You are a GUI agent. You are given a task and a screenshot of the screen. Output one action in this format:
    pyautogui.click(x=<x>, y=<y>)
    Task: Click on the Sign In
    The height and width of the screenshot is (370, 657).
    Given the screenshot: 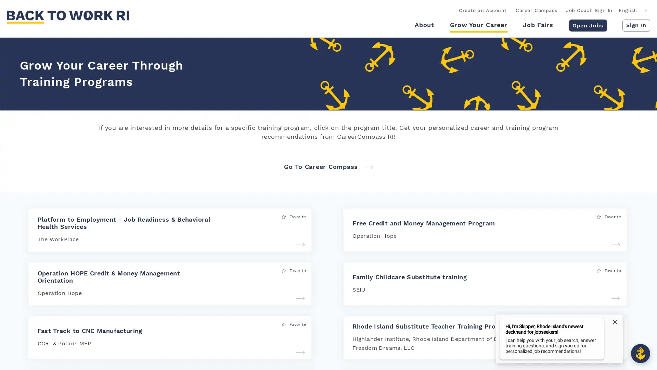 What is the action you would take?
    pyautogui.click(x=636, y=25)
    